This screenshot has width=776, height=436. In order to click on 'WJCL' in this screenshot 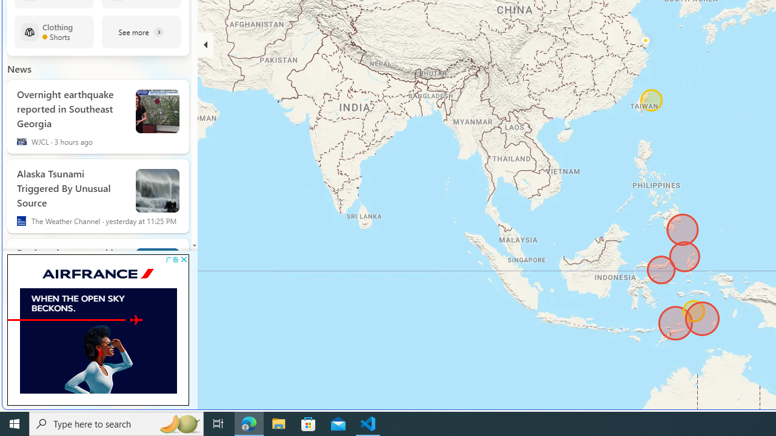, I will do `click(21, 141)`.